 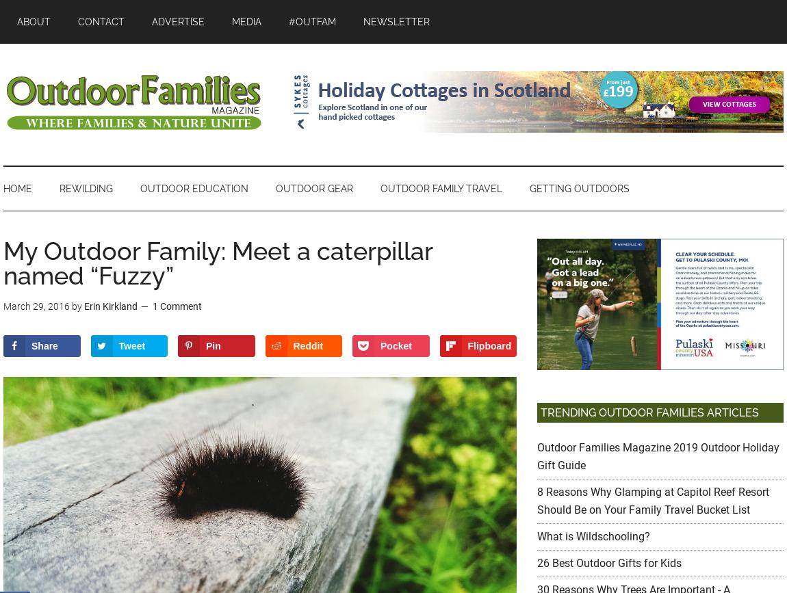 I want to click on 'Advertise', so click(x=177, y=21).